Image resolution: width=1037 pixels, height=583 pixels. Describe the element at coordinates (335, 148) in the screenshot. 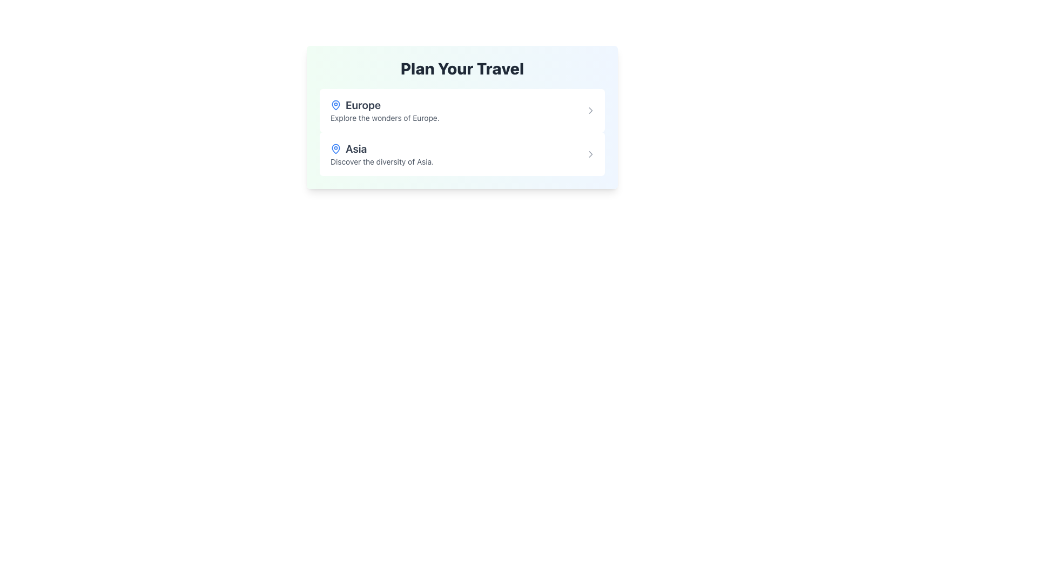

I see `the blue outlined vector icon resembling a pin marker located to the left of the text content for 'Asia' in the interface` at that location.